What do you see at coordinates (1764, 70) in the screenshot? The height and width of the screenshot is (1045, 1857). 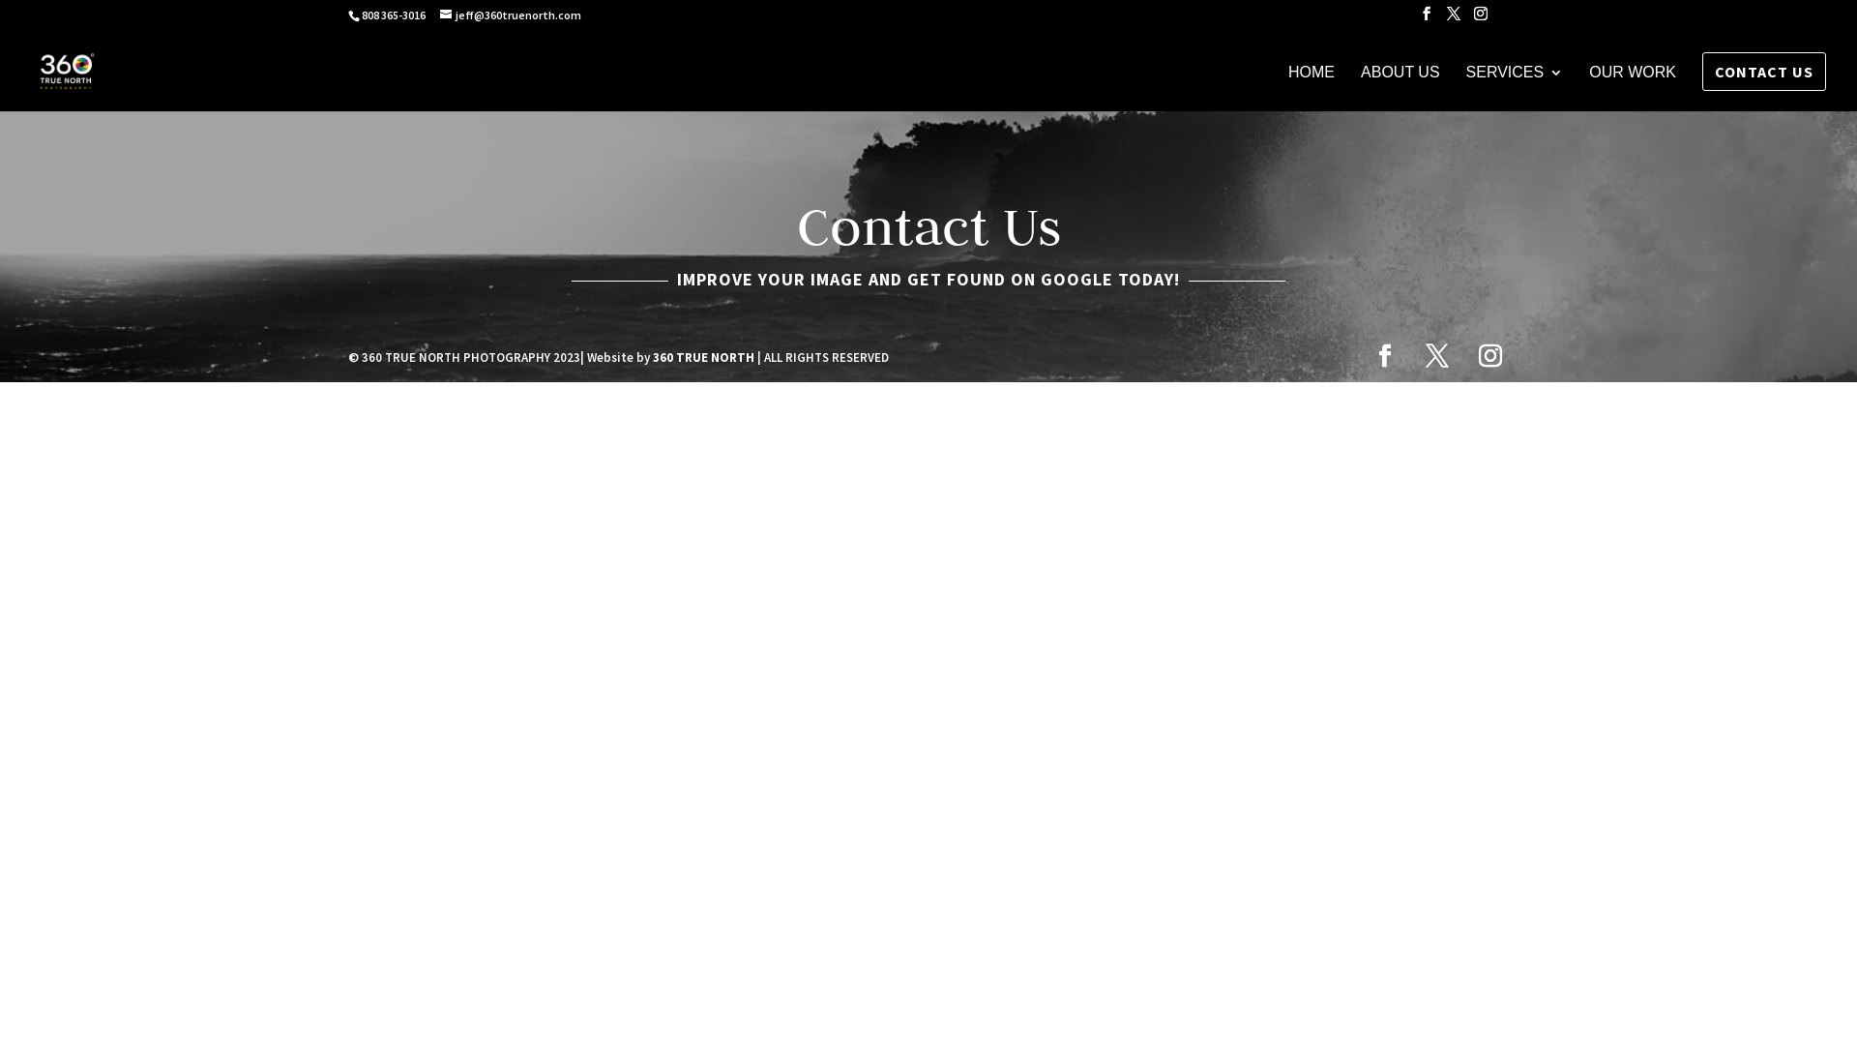 I see `'CONTACT US'` at bounding box center [1764, 70].